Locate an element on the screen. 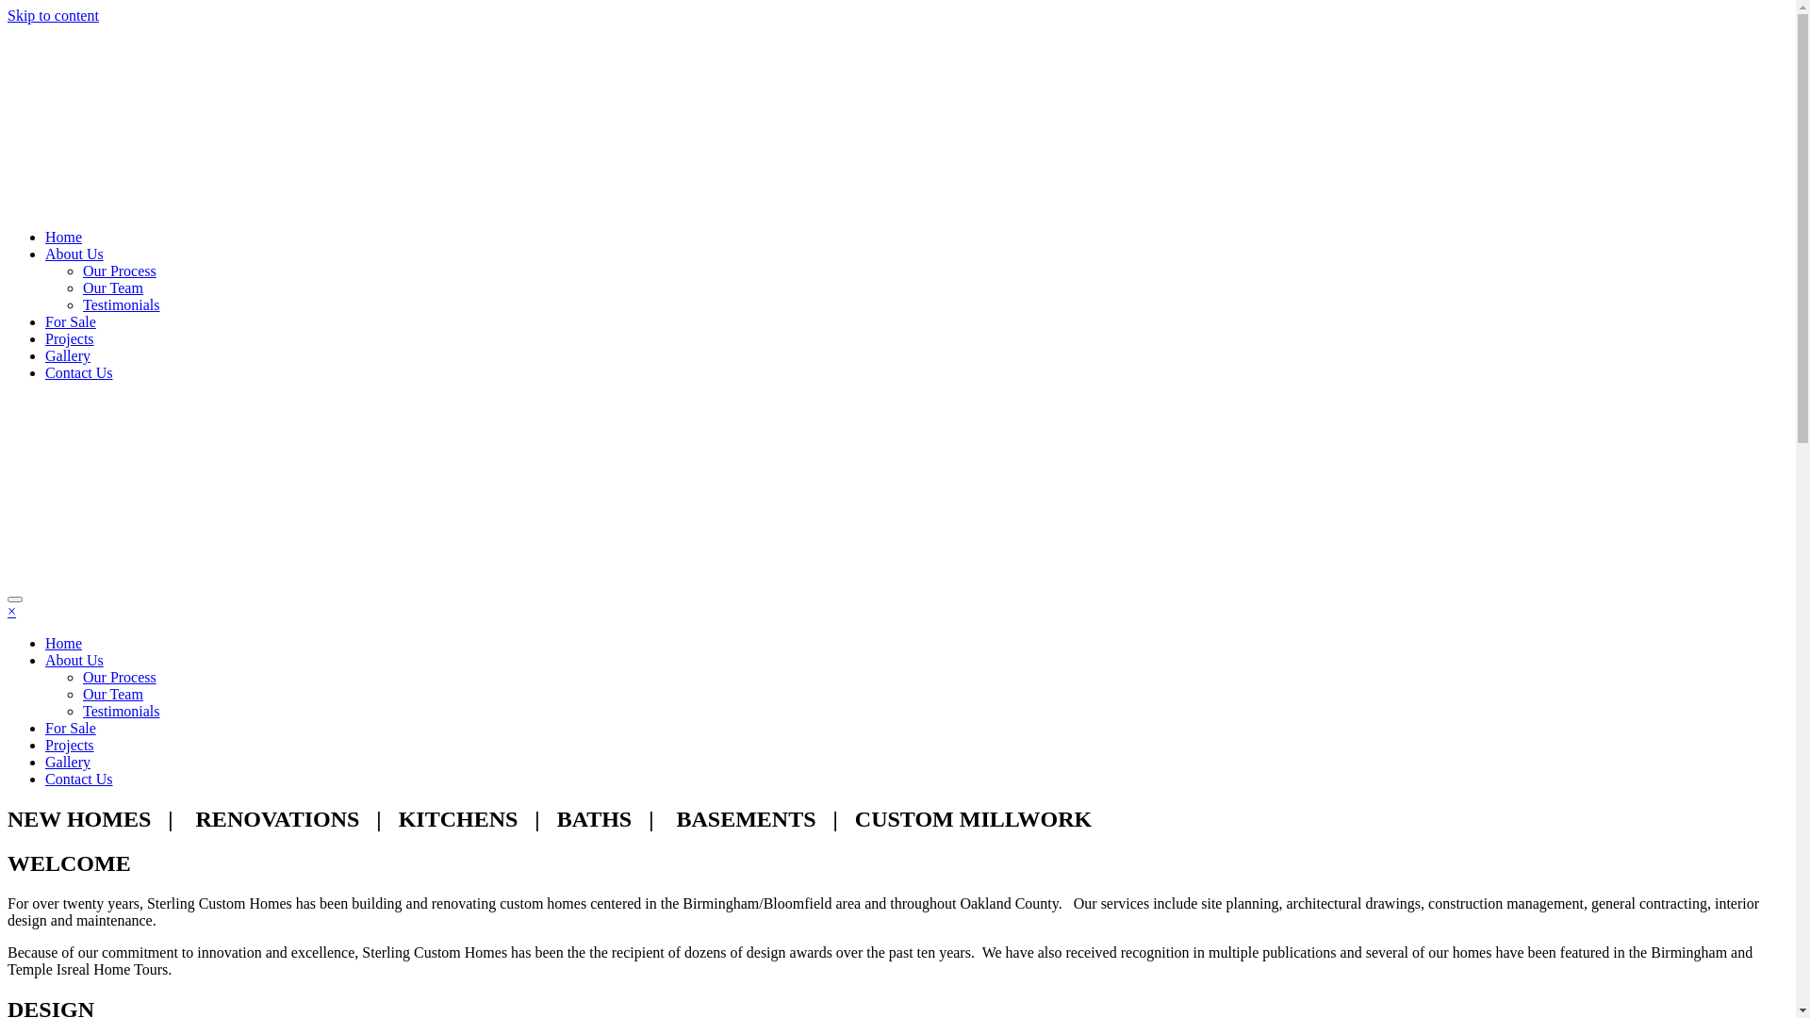 The height and width of the screenshot is (1018, 1810). 'Logo-for-Embroidery-nobg' is located at coordinates (489, 117).